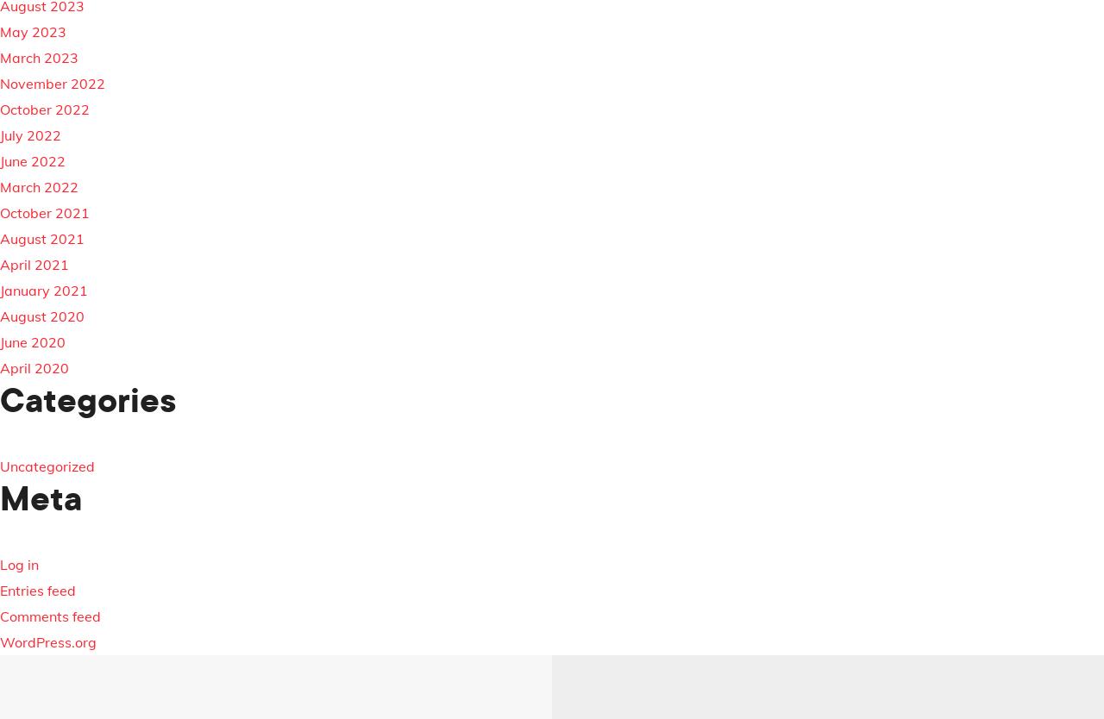 The height and width of the screenshot is (719, 1104). Describe the element at coordinates (42, 237) in the screenshot. I see `'August 2021'` at that location.